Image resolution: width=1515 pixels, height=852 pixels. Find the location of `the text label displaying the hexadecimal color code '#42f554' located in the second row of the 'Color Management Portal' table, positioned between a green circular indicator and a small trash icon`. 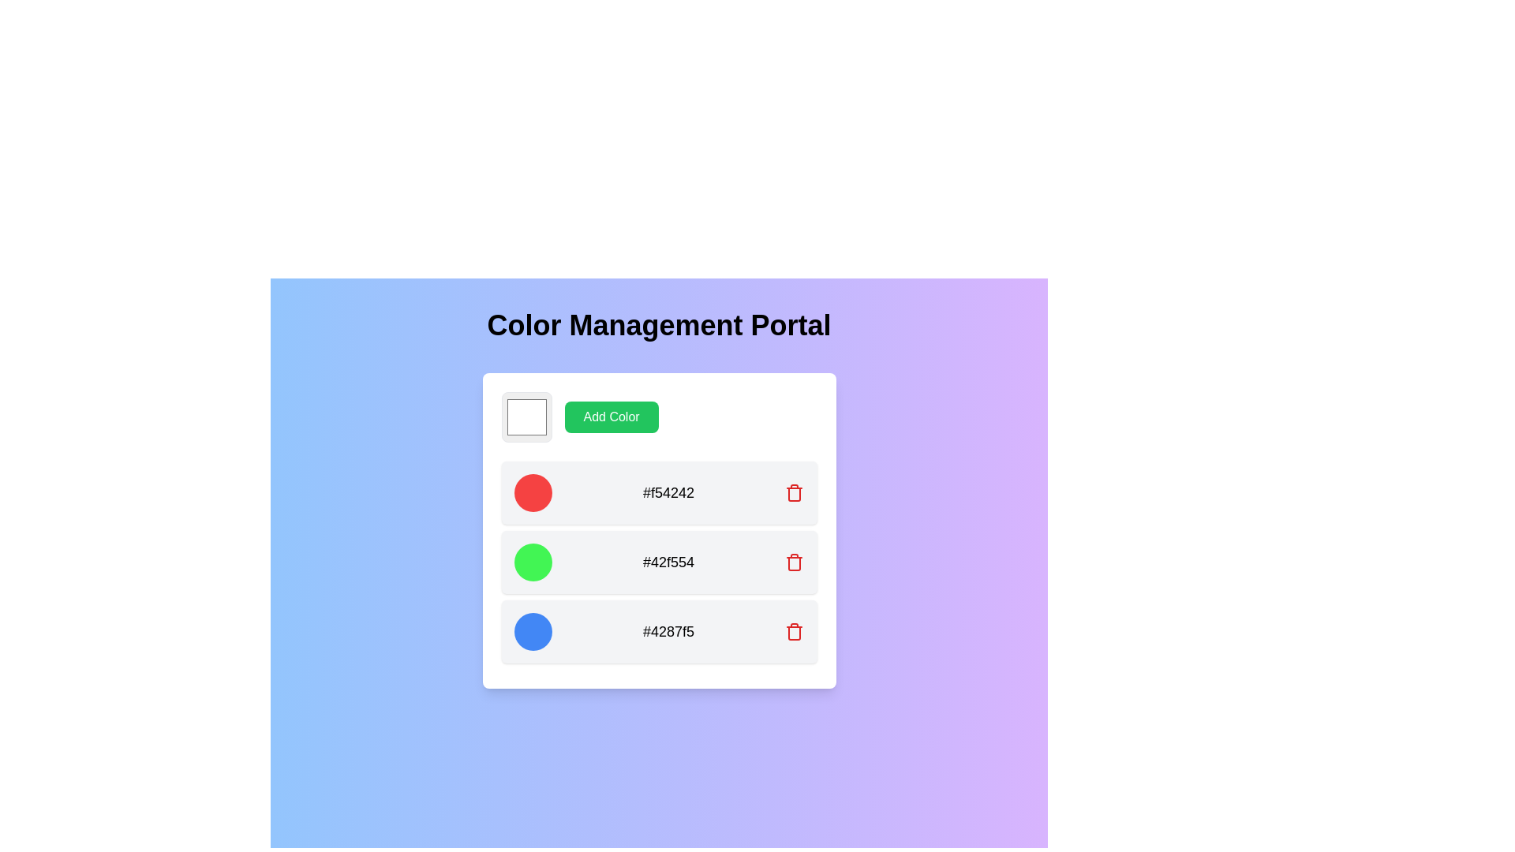

the text label displaying the hexadecimal color code '#42f554' located in the second row of the 'Color Management Portal' table, positioned between a green circular indicator and a small trash icon is located at coordinates (668, 562).